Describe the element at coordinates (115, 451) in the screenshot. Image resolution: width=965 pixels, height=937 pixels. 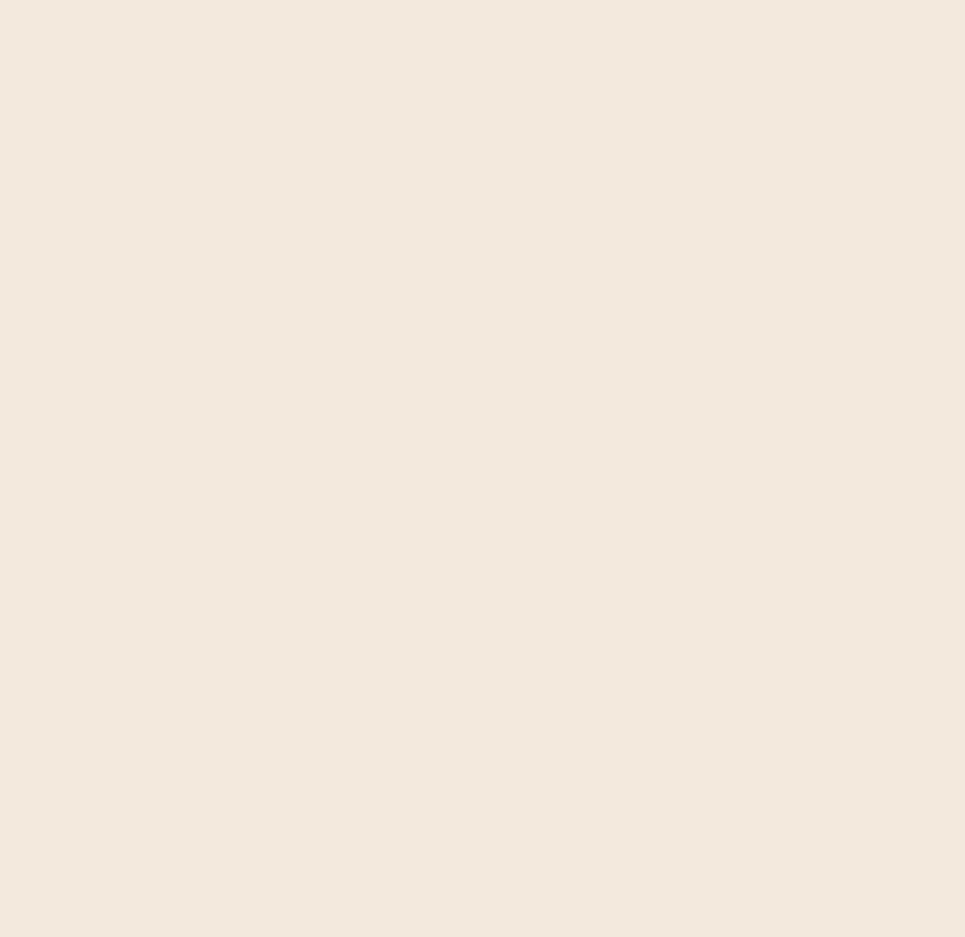
I see `'Download English'` at that location.